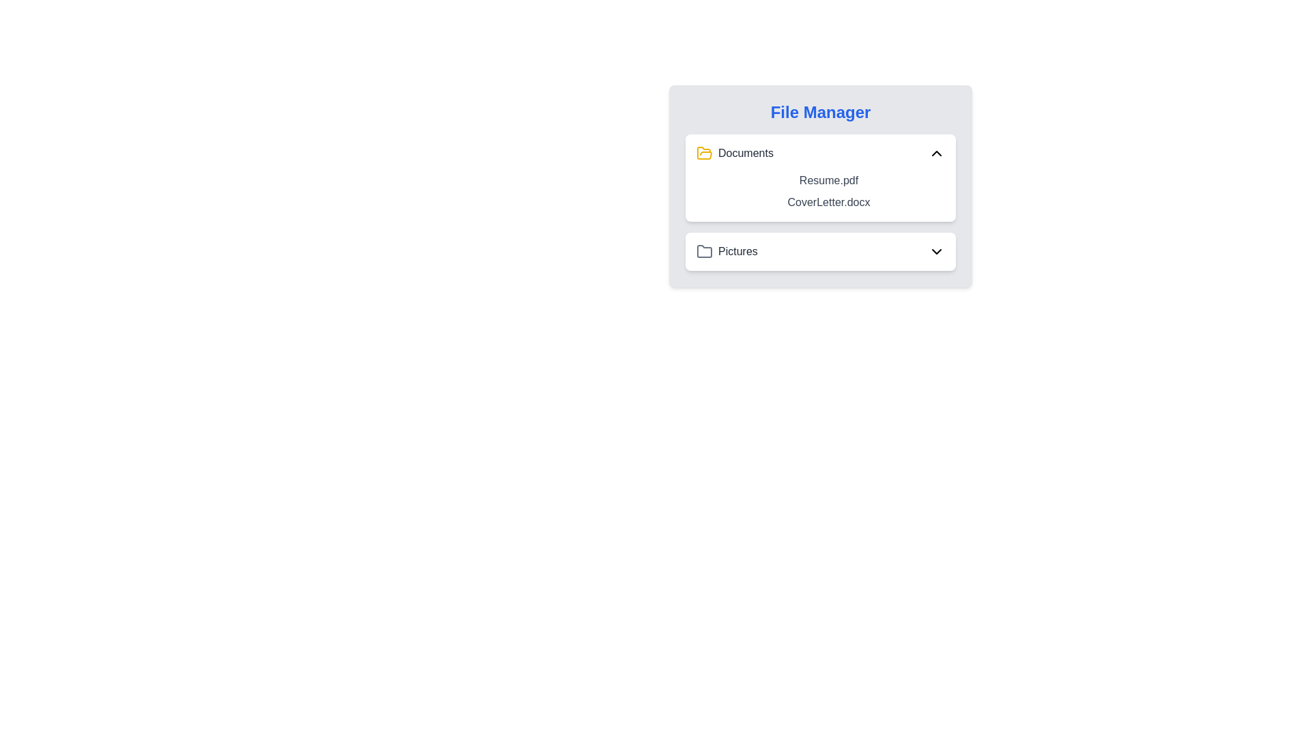 The height and width of the screenshot is (737, 1311). I want to click on the chevron-up icon button located to the right of the 'Documents' label, so click(936, 153).